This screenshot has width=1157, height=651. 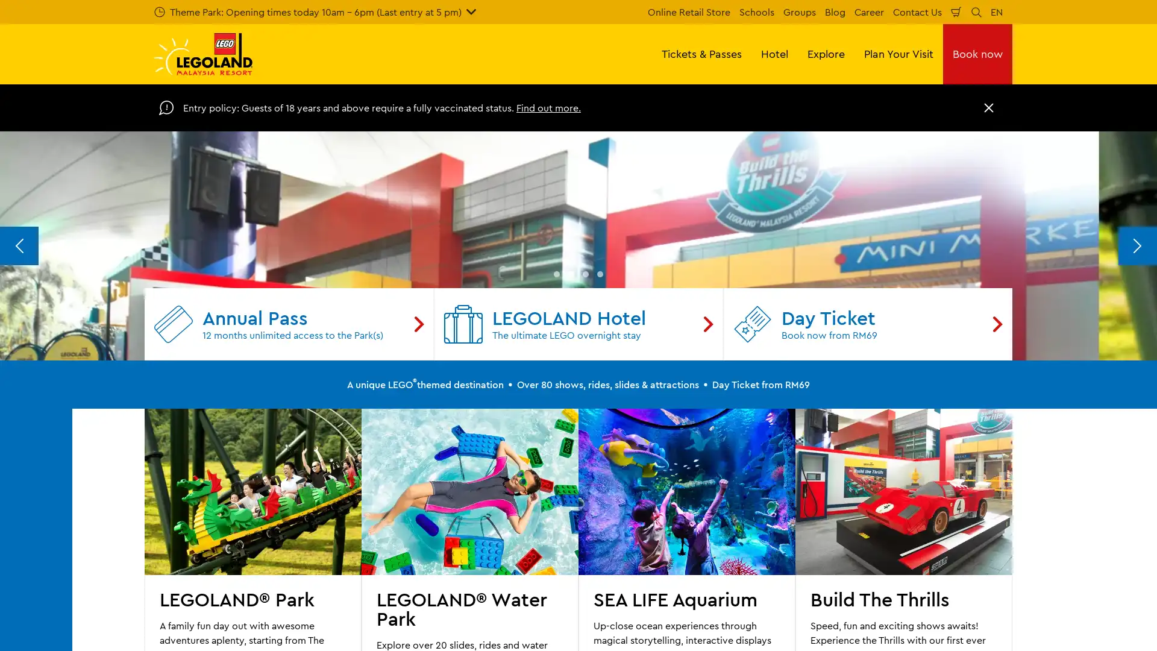 I want to click on Book now, so click(x=977, y=53).